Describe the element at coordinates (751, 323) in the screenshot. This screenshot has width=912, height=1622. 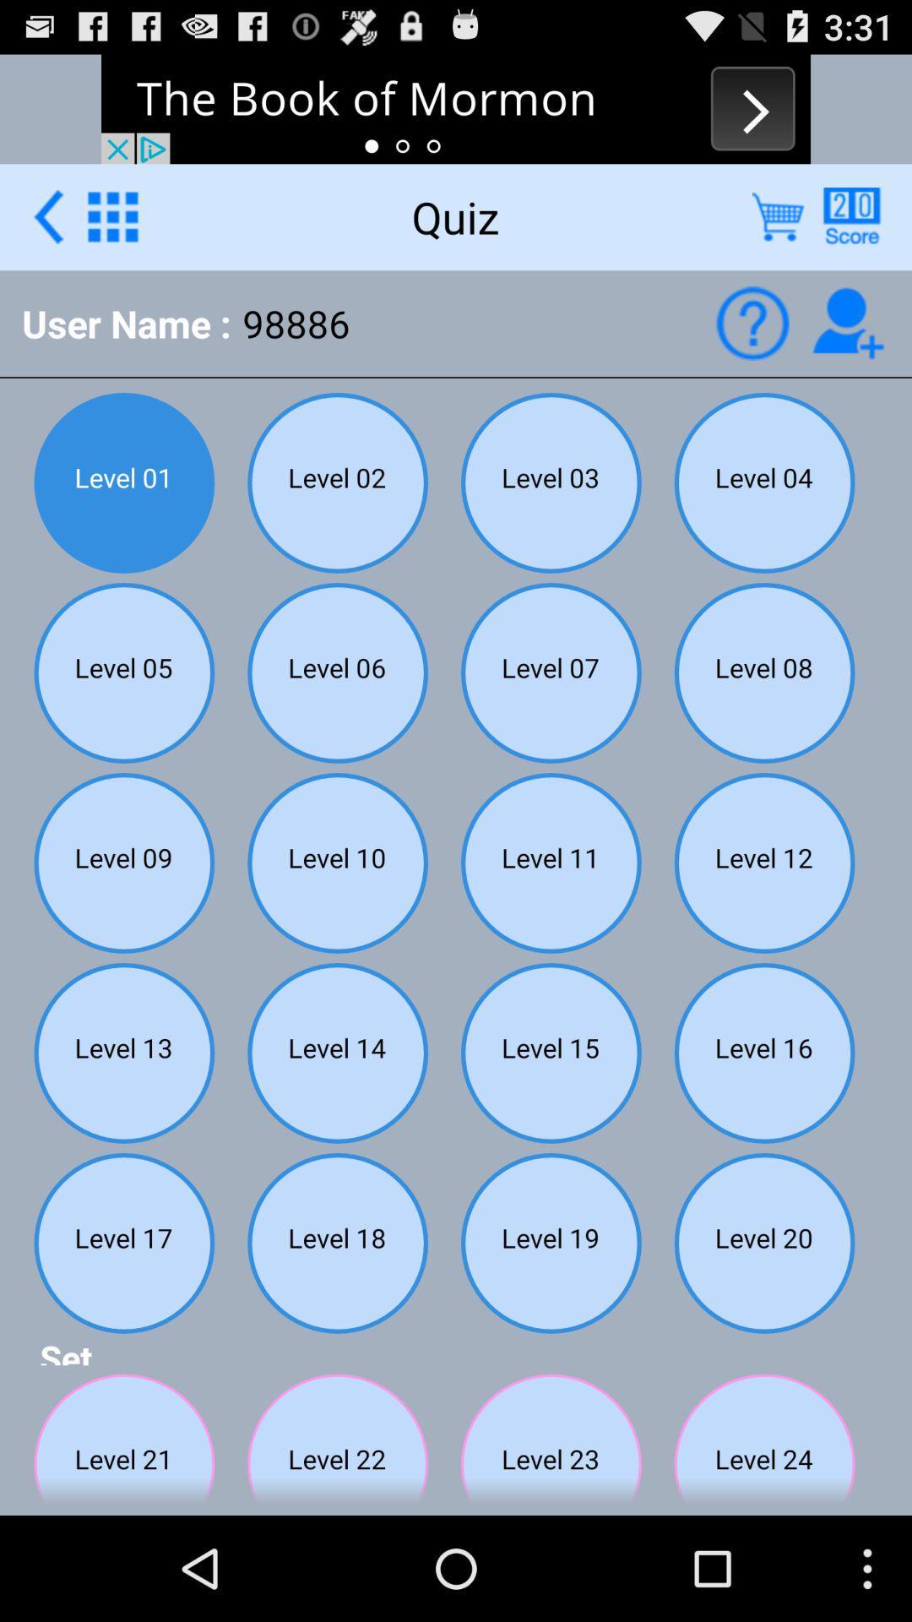
I see `help icon` at that location.